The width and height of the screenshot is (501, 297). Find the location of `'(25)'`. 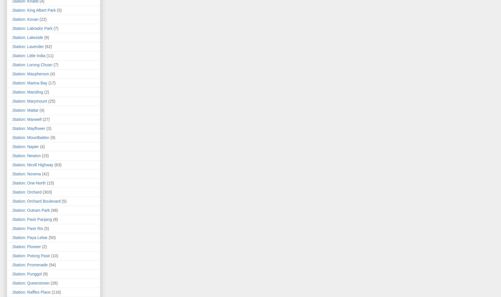

'(25)' is located at coordinates (48, 100).